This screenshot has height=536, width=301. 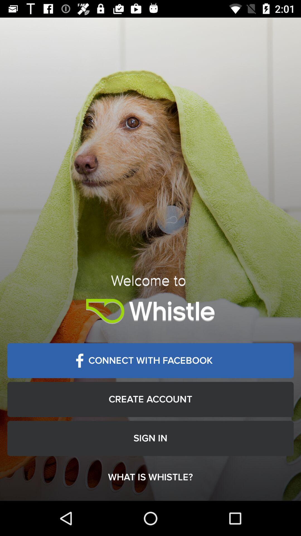 I want to click on sign in icon, so click(x=151, y=438).